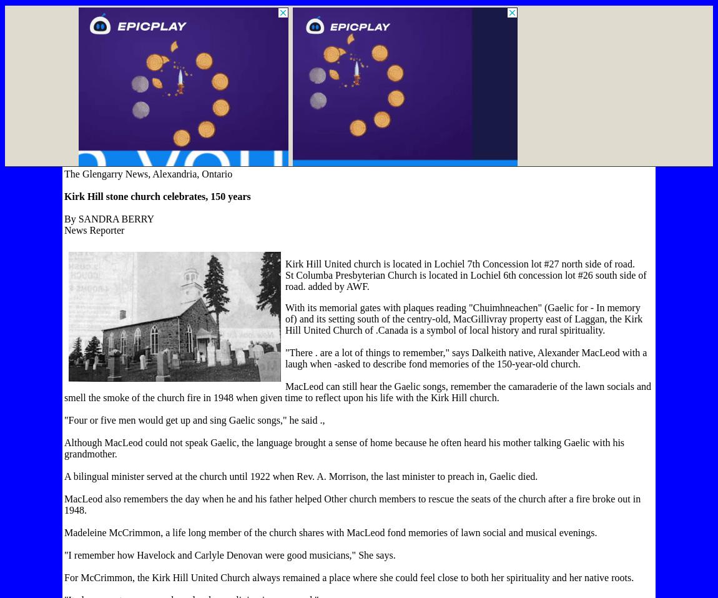 Image resolution: width=718 pixels, height=598 pixels. What do you see at coordinates (344, 448) in the screenshot?
I see `'Although MacLeod  could not speak Gaelic, the language brought a sense of home because 
he often heard his mother  talking   Gaelic with his grandmother.'` at bounding box center [344, 448].